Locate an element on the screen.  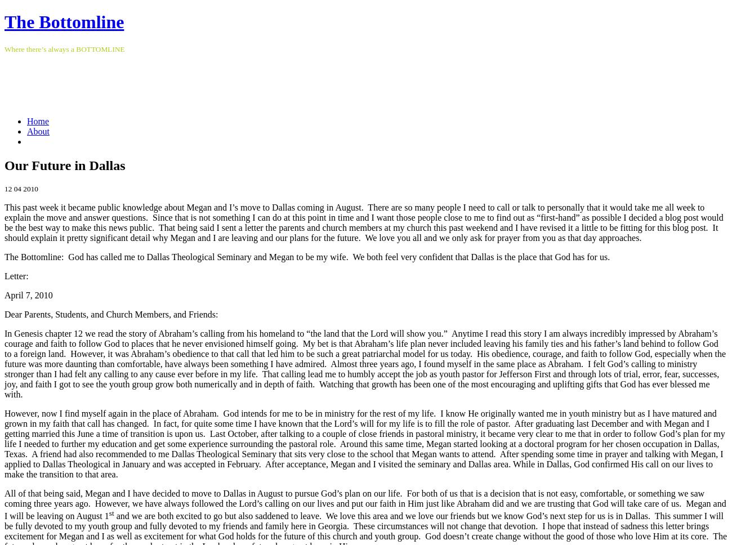
'This past week it became public knowledge about Megan and I’s move to Dallas coming in August.  There are so many people I need to call or talk to personally that it would take me all week to explain the move and answer questions.  Since that is not something I can do at this point in time and I want those people close to me to find out as “first-hand” as possible I decided a blog post would be the best way to make this news public.  That being said I sent a letter the parents and church members at my church this past weekend and I have revised it a little to be fitting for this blog post.  It should explain it pretty significant detail why Megan and I are leaving and our plans for the future.  We love you all and we only ask for prayer from you as that day approaches.' is located at coordinates (4, 221).